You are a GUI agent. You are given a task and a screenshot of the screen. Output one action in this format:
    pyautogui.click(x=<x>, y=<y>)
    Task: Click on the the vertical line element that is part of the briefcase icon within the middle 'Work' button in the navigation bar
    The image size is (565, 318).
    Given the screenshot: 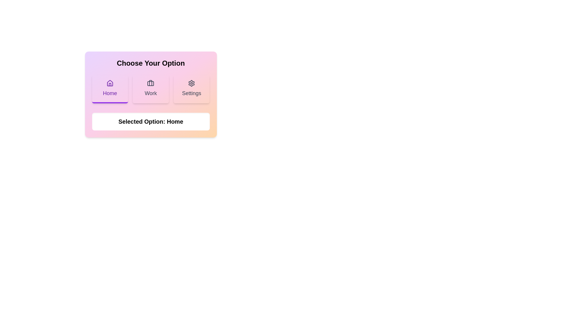 What is the action you would take?
    pyautogui.click(x=151, y=83)
    